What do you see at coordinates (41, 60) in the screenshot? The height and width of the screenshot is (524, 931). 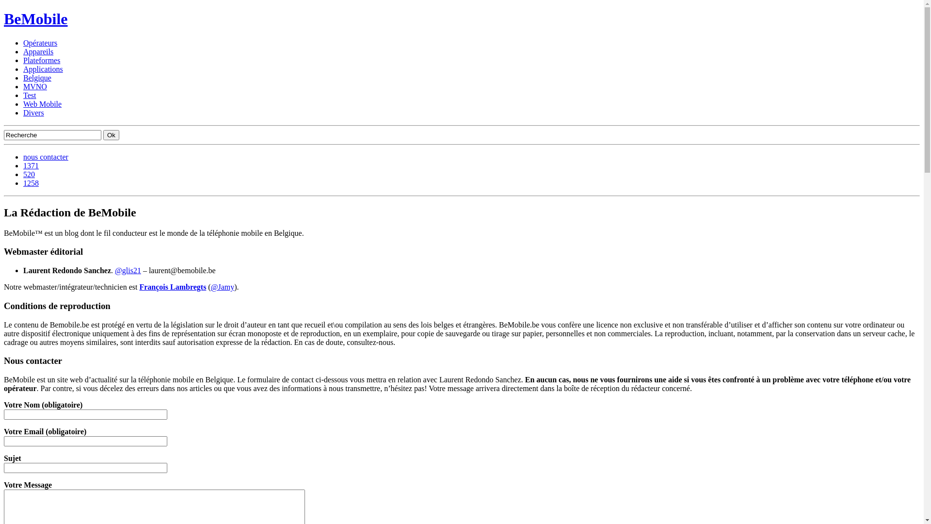 I see `'Plateformes'` at bounding box center [41, 60].